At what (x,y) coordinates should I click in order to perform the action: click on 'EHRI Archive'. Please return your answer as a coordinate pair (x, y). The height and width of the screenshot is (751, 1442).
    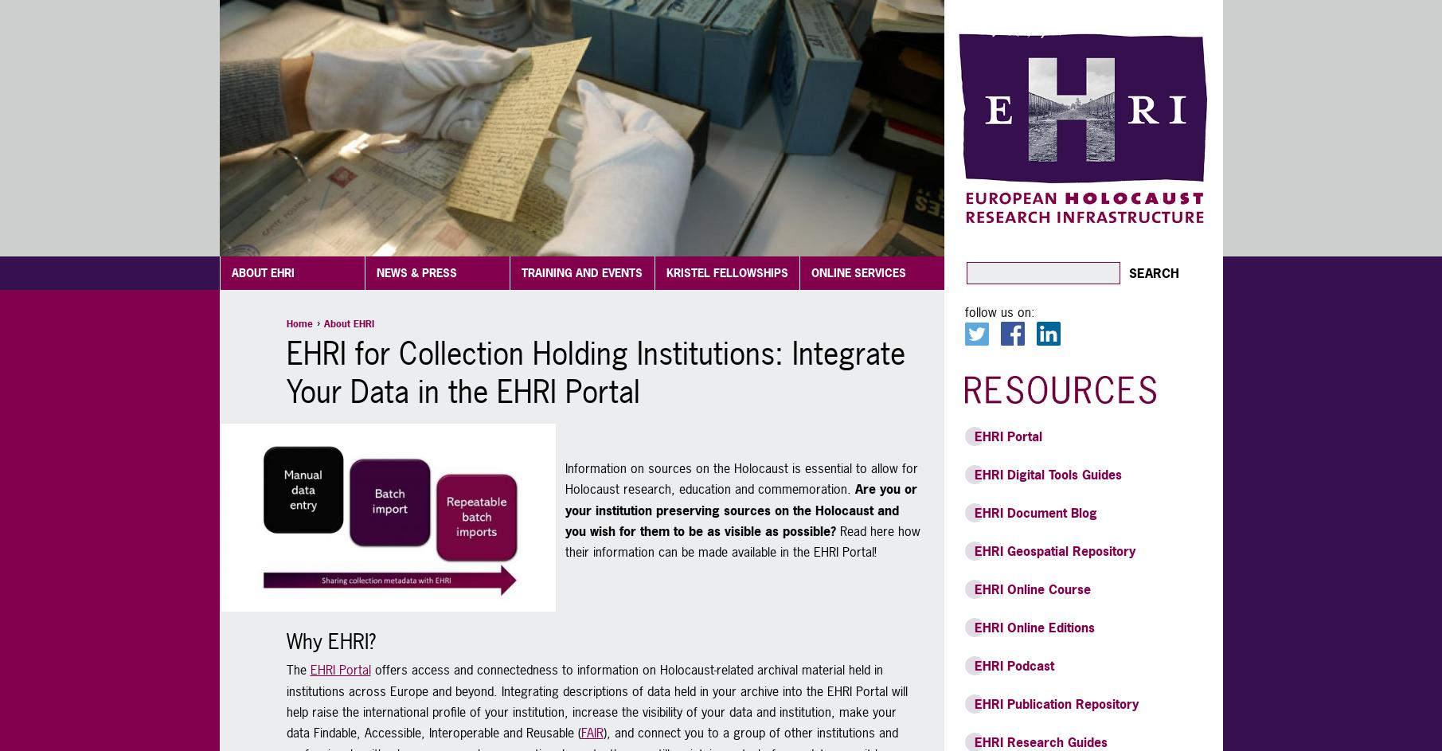
    Looking at the image, I should click on (408, 196).